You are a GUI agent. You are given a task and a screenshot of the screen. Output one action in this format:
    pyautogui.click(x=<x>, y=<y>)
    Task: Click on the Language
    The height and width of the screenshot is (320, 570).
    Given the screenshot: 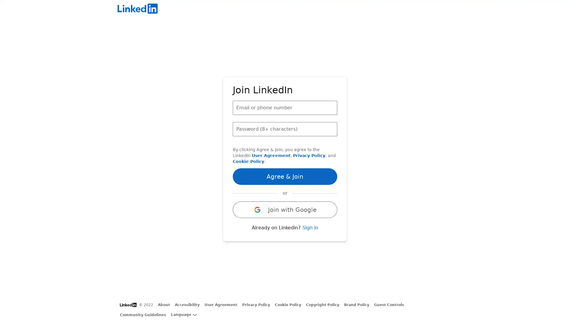 What is the action you would take?
    pyautogui.click(x=183, y=314)
    